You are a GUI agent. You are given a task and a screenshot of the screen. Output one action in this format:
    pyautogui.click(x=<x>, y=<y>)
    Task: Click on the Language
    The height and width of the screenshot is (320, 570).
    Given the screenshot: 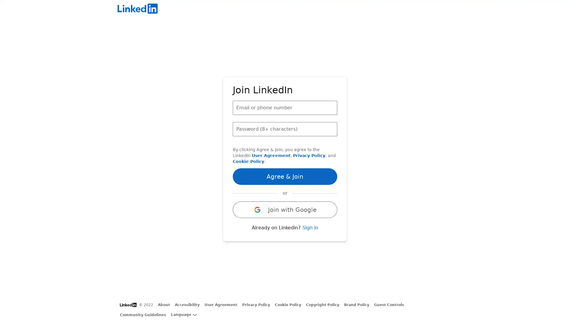 What is the action you would take?
    pyautogui.click(x=183, y=314)
    